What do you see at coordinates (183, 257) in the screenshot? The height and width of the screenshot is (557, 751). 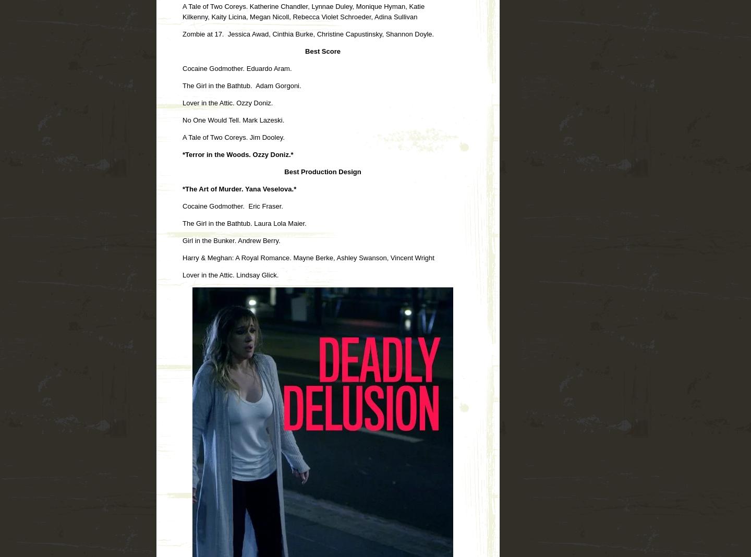 I see `'Harry & Meghan: A Royal Romance. Mayne Berke, Ashley Swanson, Vincent Wright'` at bounding box center [183, 257].